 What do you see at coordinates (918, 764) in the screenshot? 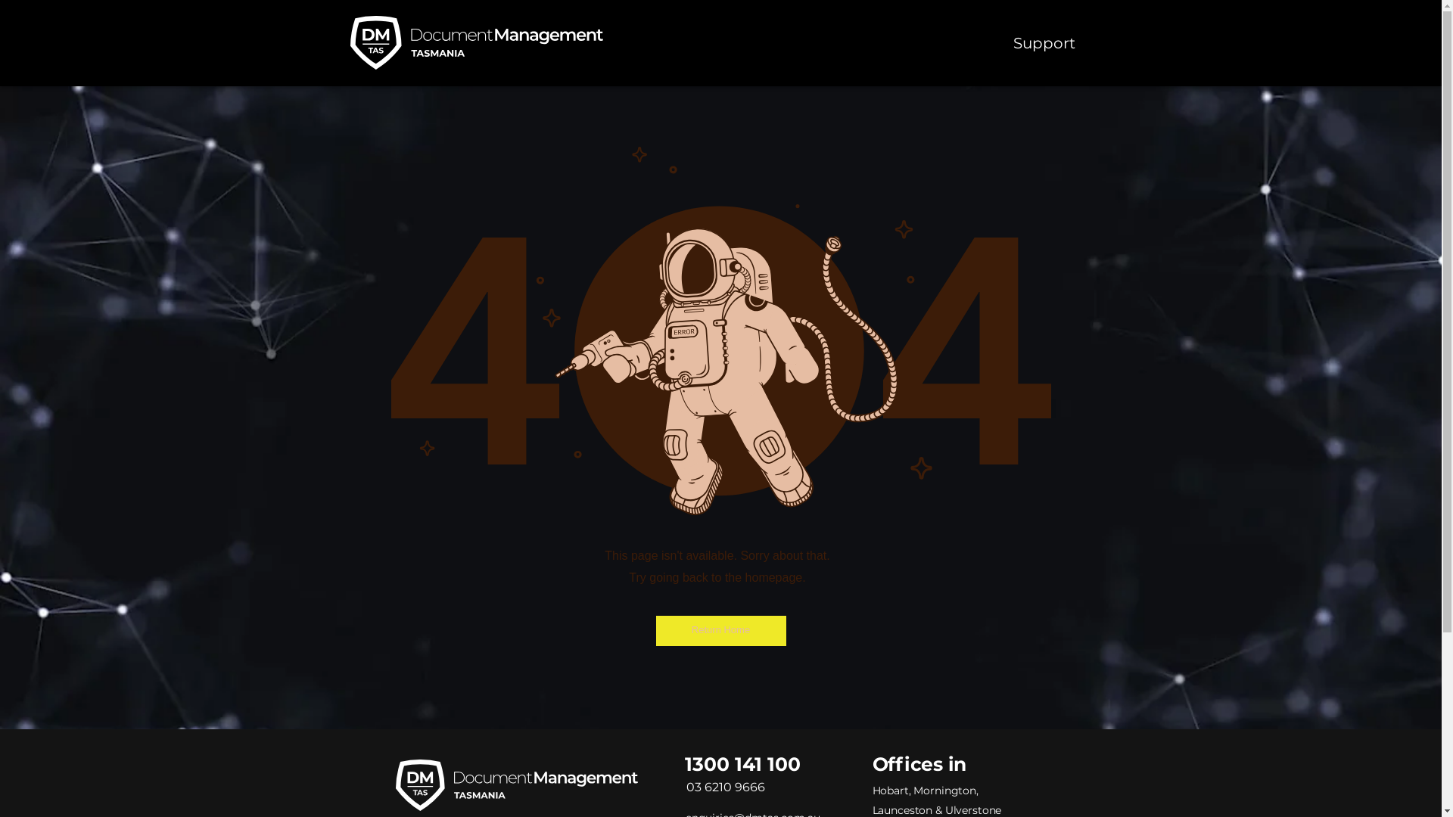
I see `'Offices in'` at bounding box center [918, 764].